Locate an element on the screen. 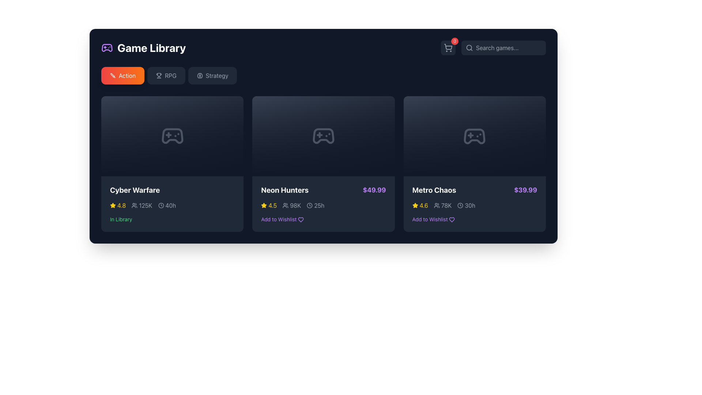  the 'Add to Wishlist' link with a heart icon located in the lower section of the last card in the Metro Chaos row is located at coordinates (433, 219).